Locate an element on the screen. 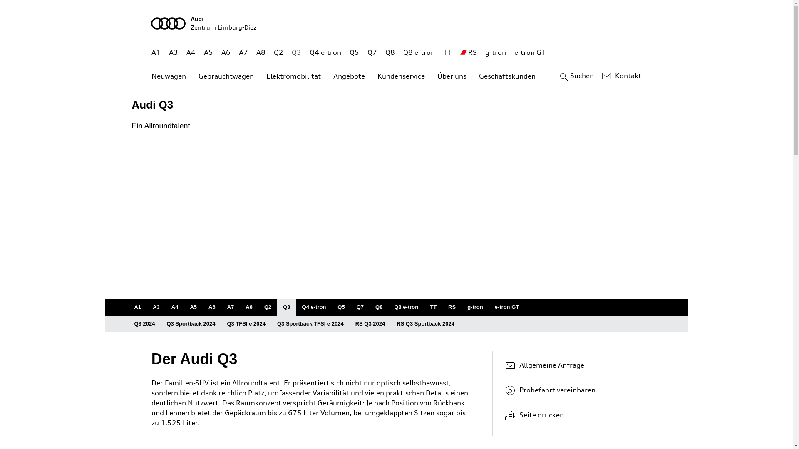 The height and width of the screenshot is (449, 799). 'Q2' is located at coordinates (278, 52).